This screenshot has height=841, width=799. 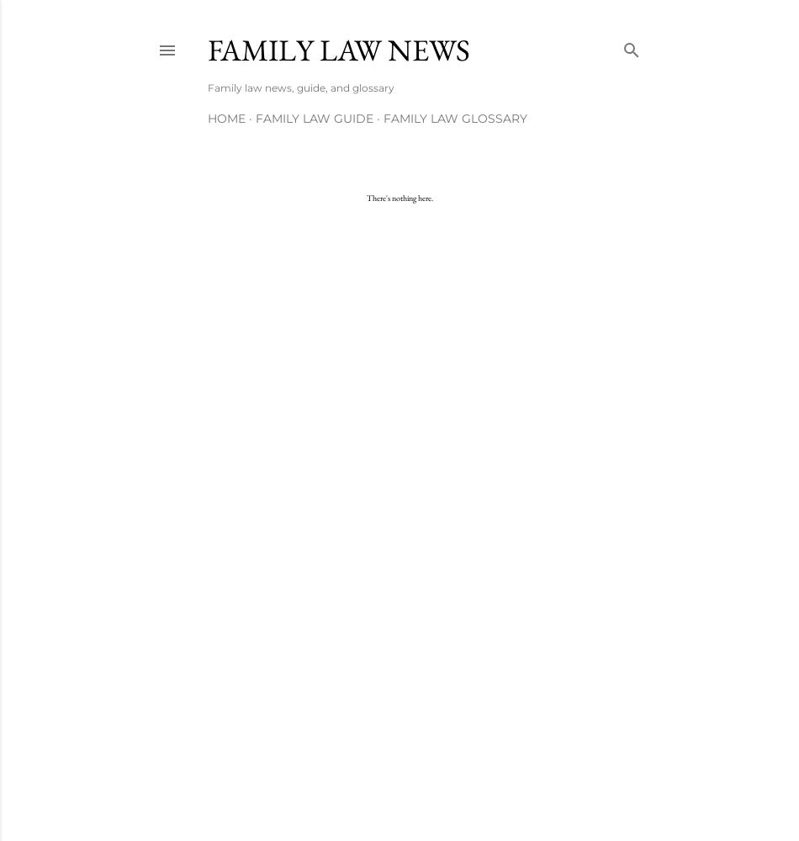 I want to click on 'Family Law News', so click(x=207, y=50).